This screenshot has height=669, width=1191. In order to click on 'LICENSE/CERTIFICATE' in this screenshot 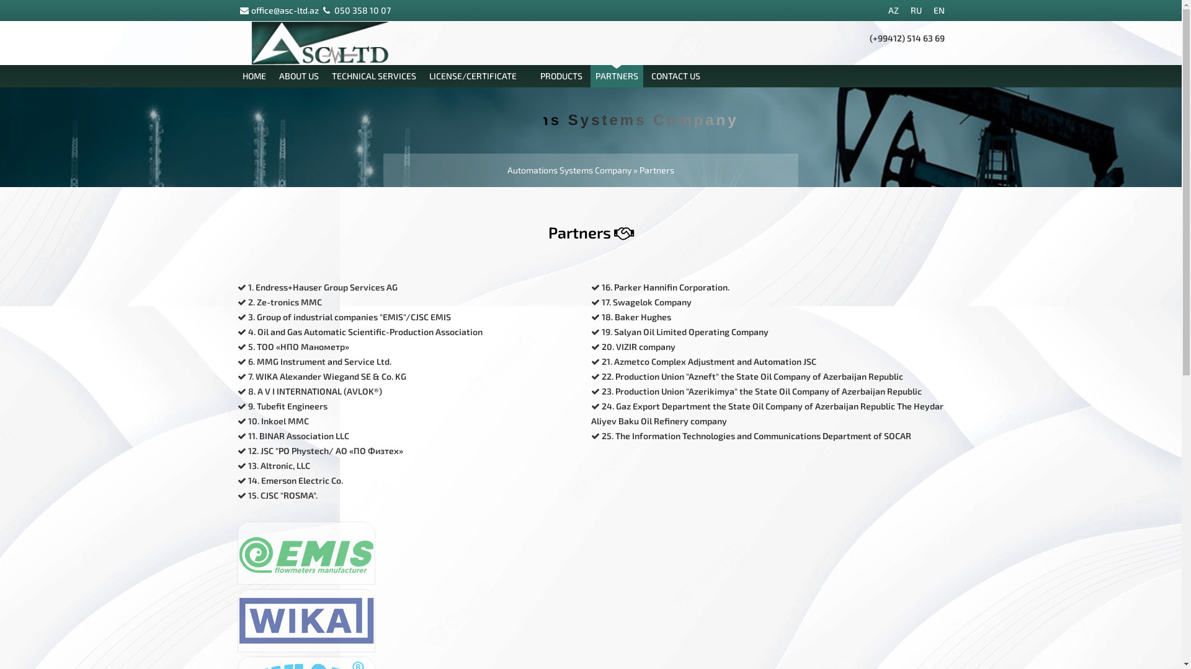, I will do `click(478, 76)`.